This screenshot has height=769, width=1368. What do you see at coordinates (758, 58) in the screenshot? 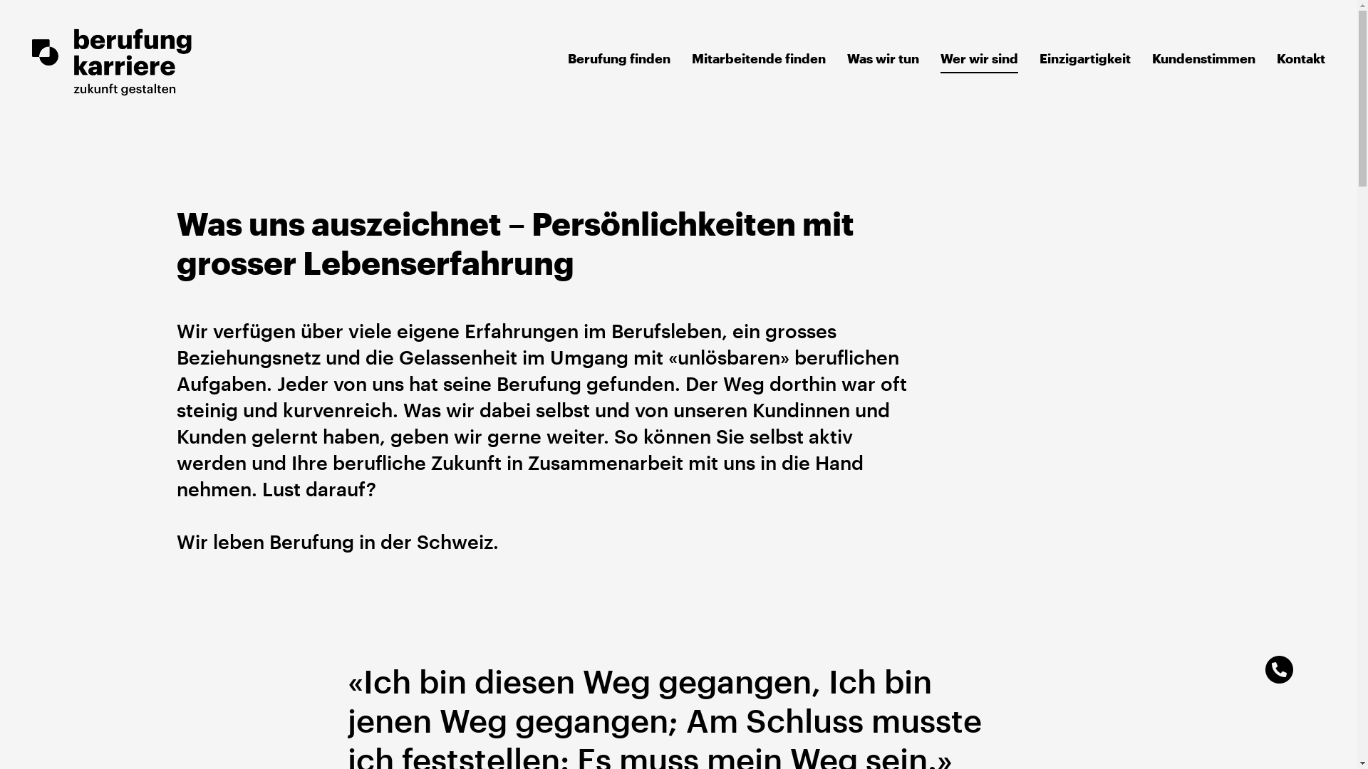
I see `'Mitarbeitende finden'` at bounding box center [758, 58].